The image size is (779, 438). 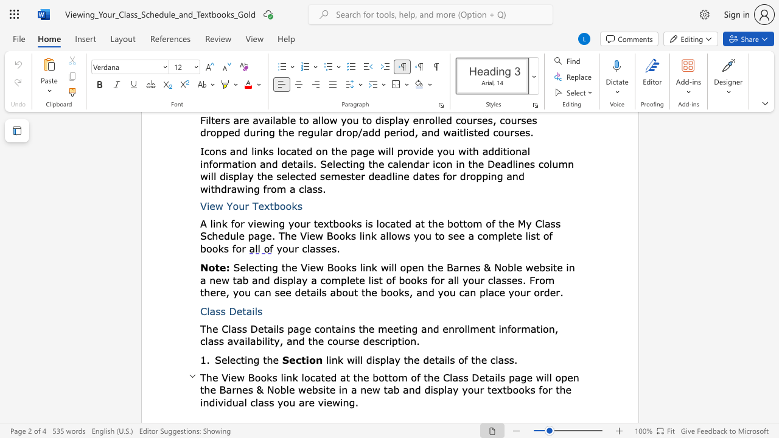 I want to click on the 2th character "e" in the text, so click(x=260, y=328).